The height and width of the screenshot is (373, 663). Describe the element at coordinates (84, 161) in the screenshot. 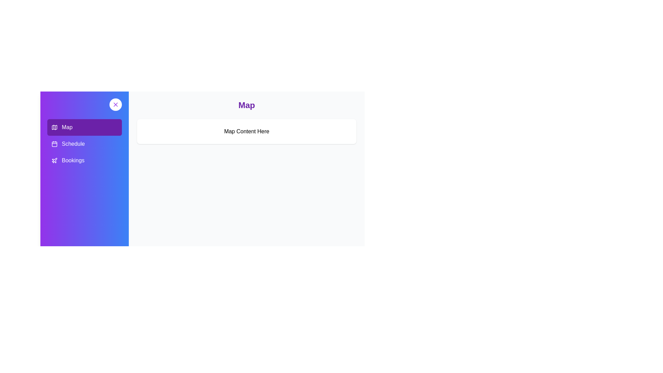

I see `the Bookings tab by clicking on it` at that location.